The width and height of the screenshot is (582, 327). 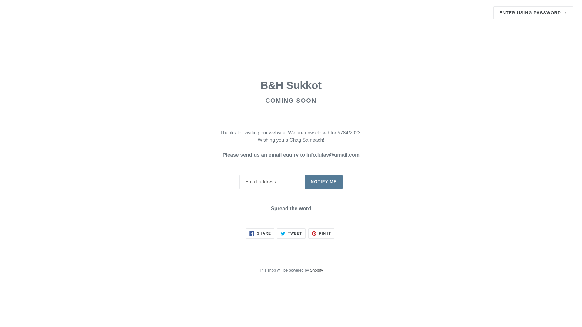 What do you see at coordinates (321, 233) in the screenshot?
I see `'PIN IT` at bounding box center [321, 233].